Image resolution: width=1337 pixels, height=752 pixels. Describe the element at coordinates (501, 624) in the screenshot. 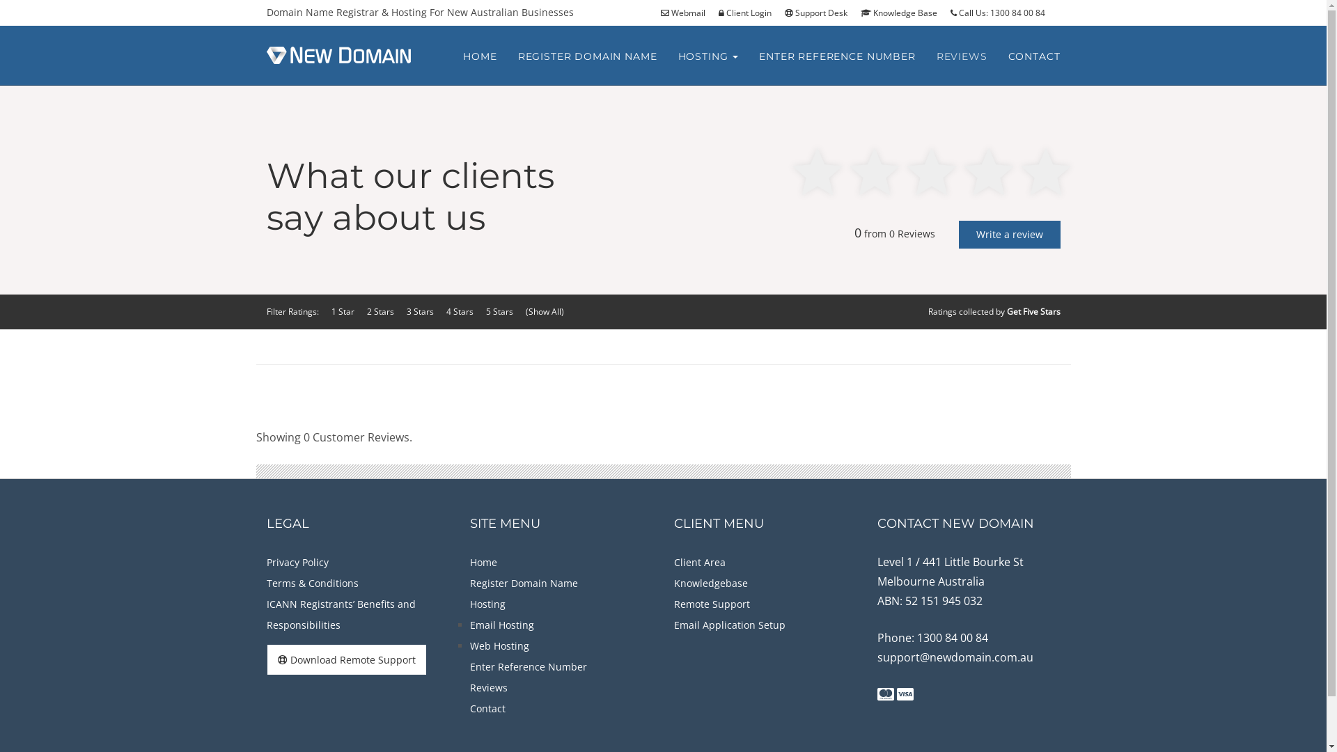

I see `'Email Hosting'` at that location.